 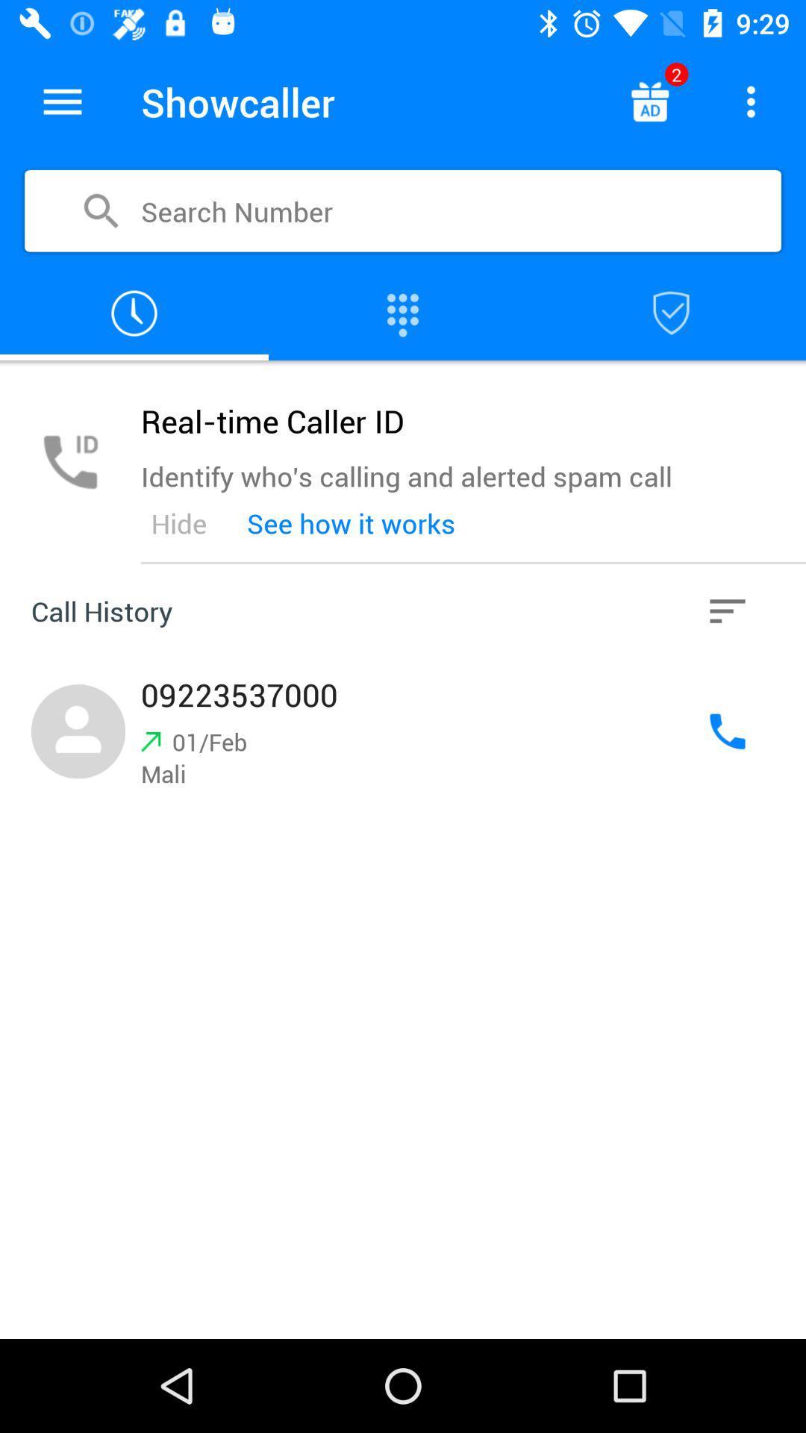 I want to click on search, so click(x=670, y=313).